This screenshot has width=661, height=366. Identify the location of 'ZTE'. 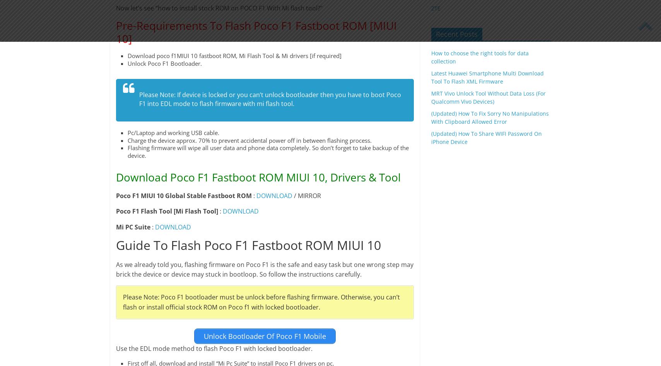
(436, 8).